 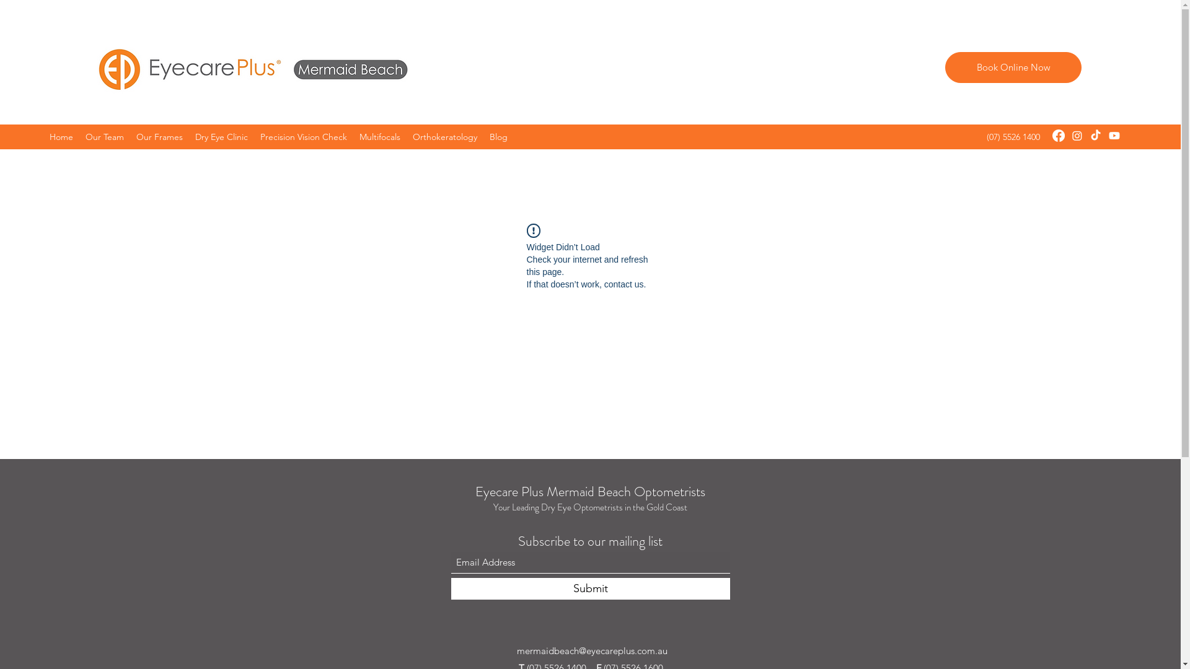 What do you see at coordinates (303, 136) in the screenshot?
I see `'Precision Vision Check'` at bounding box center [303, 136].